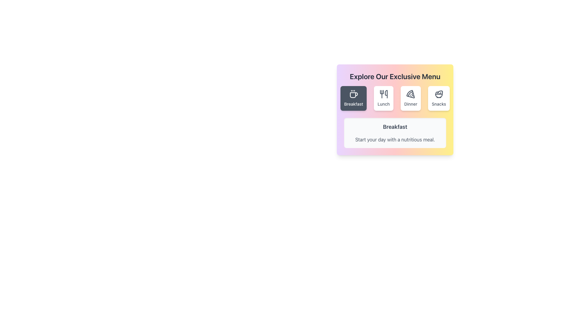 This screenshot has width=578, height=325. Describe the element at coordinates (383, 94) in the screenshot. I see `the 'Lunch' icon, which depicts utensils including a fork and a spoon, located between the 'Breakfast' and 'Dinner' buttons in the menu labeled 'Explore Our Exclusive Menu'` at that location.